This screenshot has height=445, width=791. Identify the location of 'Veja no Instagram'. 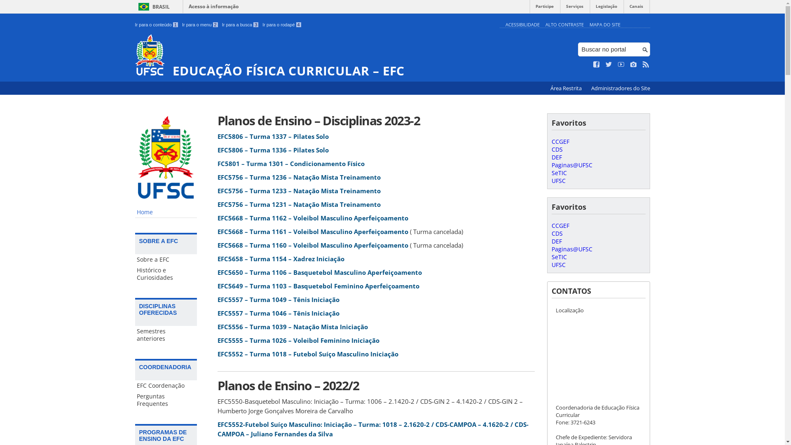
(633, 64).